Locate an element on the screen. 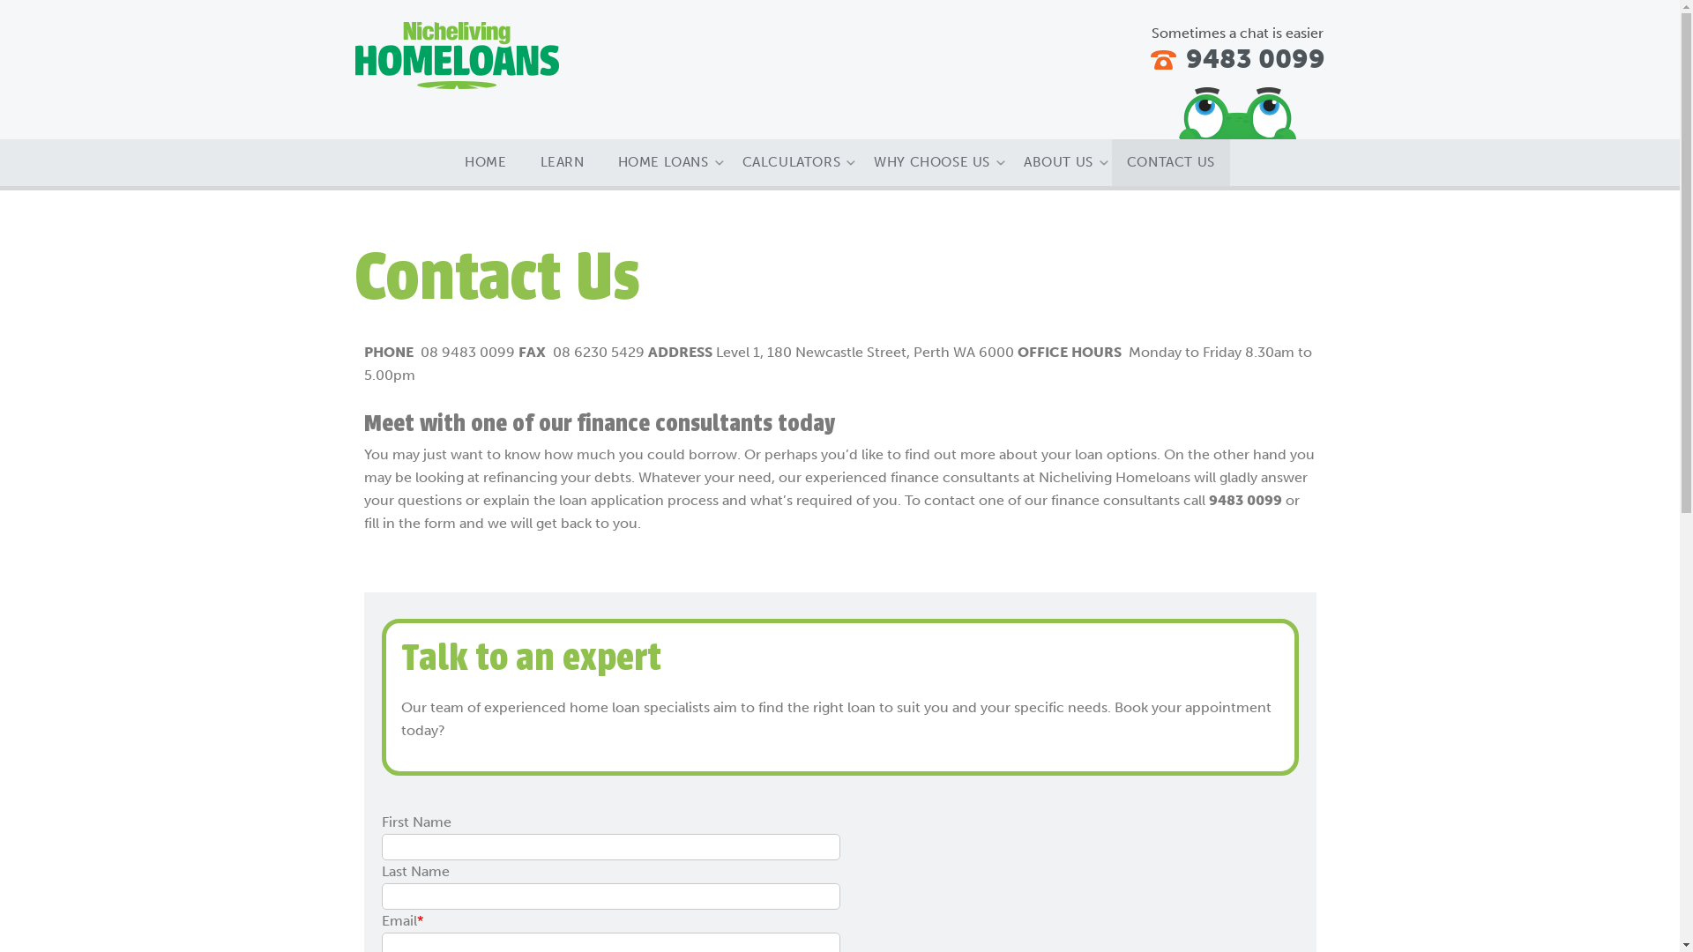 The height and width of the screenshot is (952, 1693). 'Niche Living Home Loans' is located at coordinates (456, 54).